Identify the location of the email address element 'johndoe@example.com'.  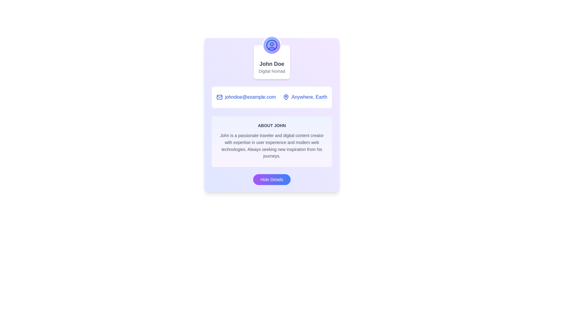
(246, 97).